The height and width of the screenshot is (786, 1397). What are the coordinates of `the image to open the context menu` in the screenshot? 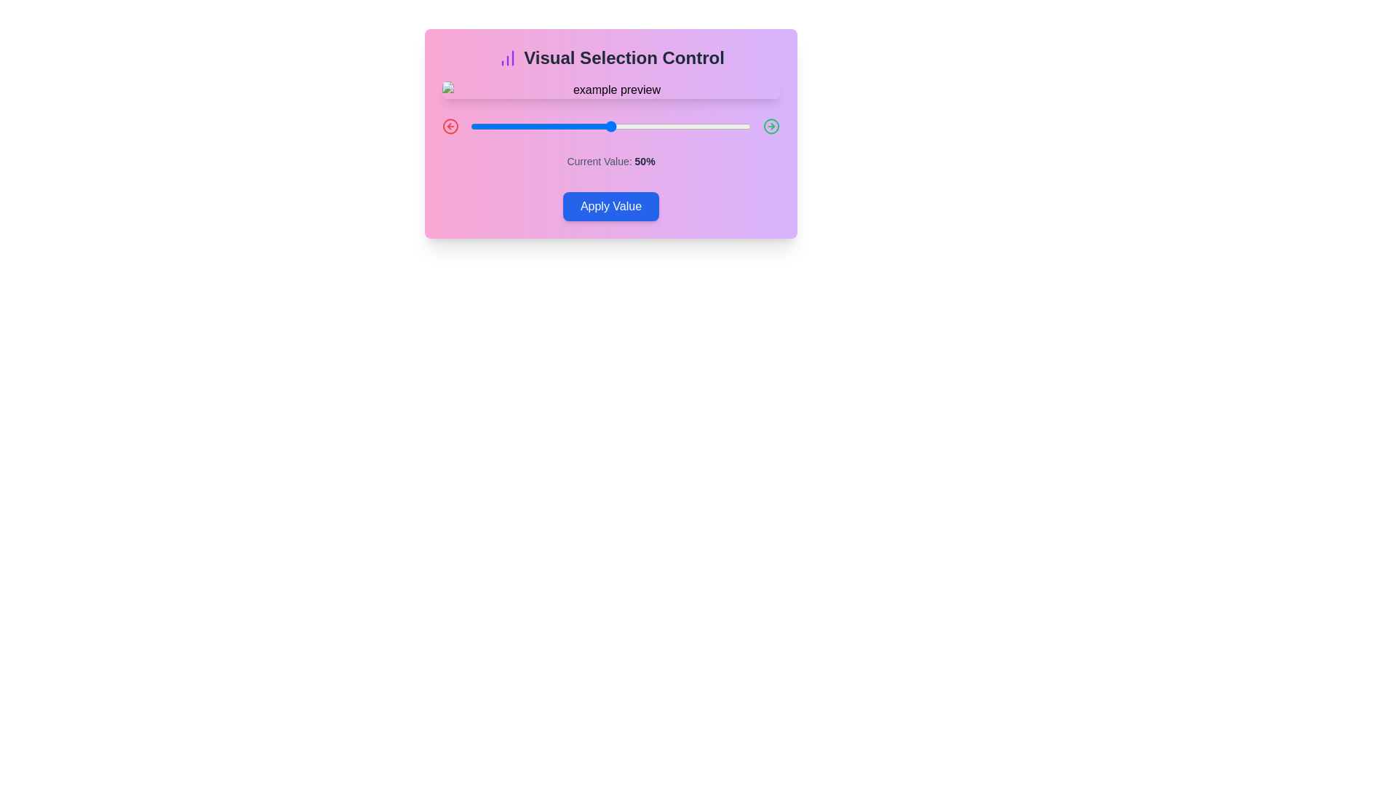 It's located at (611, 90).